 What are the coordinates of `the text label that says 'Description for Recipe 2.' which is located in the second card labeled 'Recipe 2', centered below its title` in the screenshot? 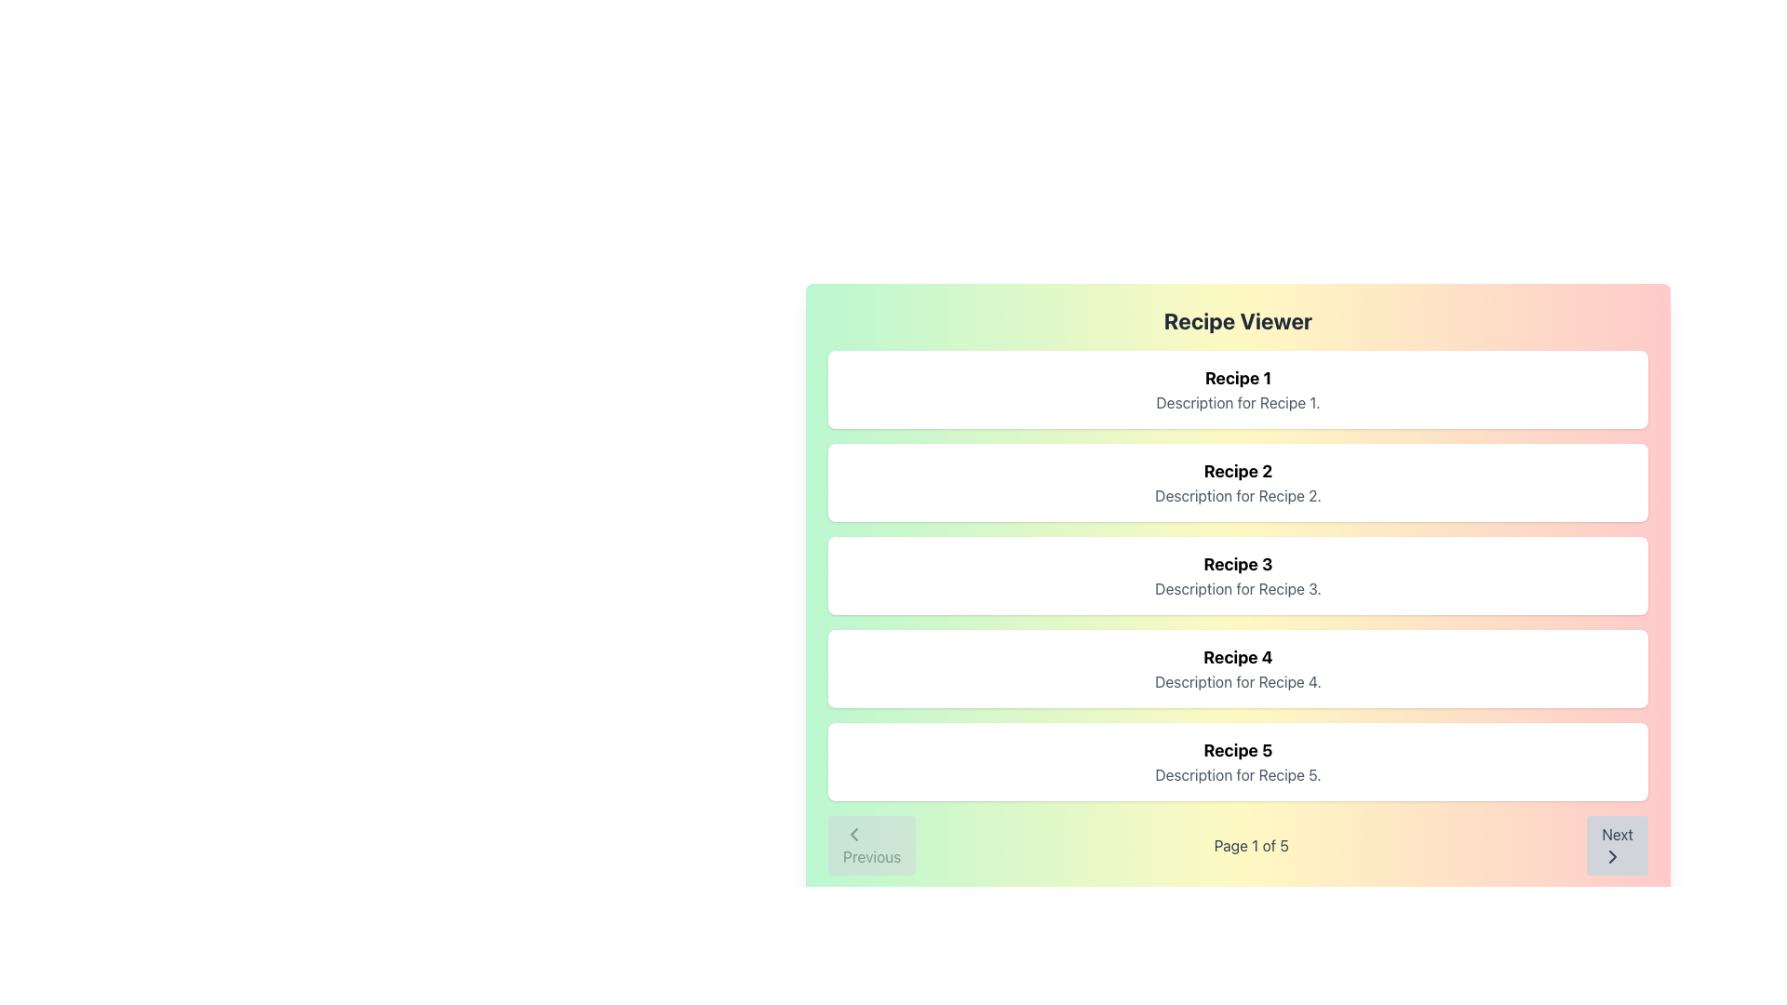 It's located at (1238, 494).